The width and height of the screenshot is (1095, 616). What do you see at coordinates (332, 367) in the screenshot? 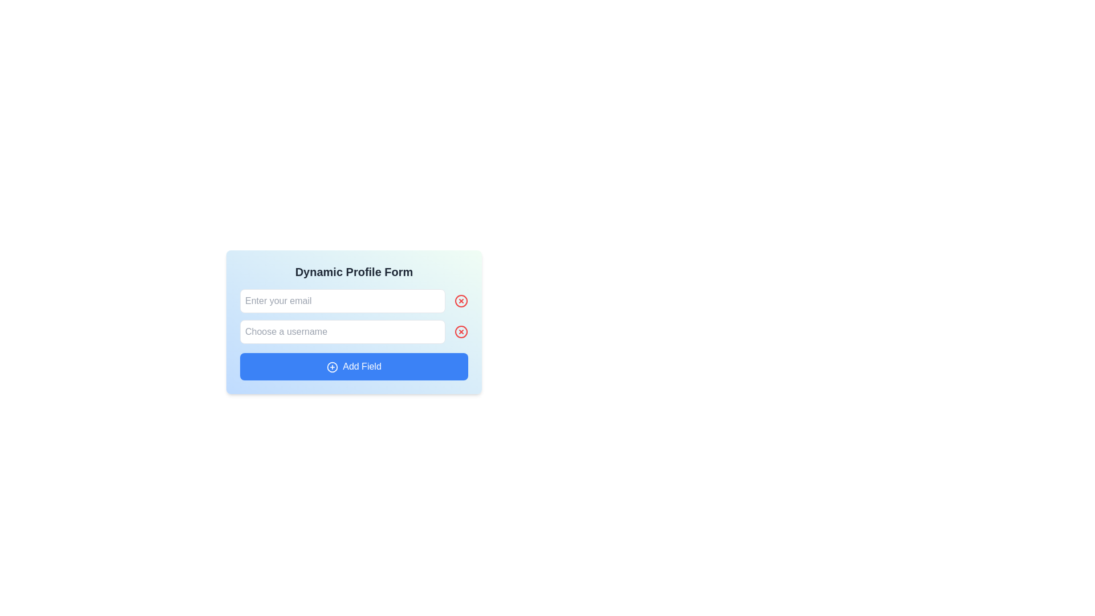
I see `the circular icon with a plus sign located to the left of the 'Add Field' text in the blue button` at bounding box center [332, 367].